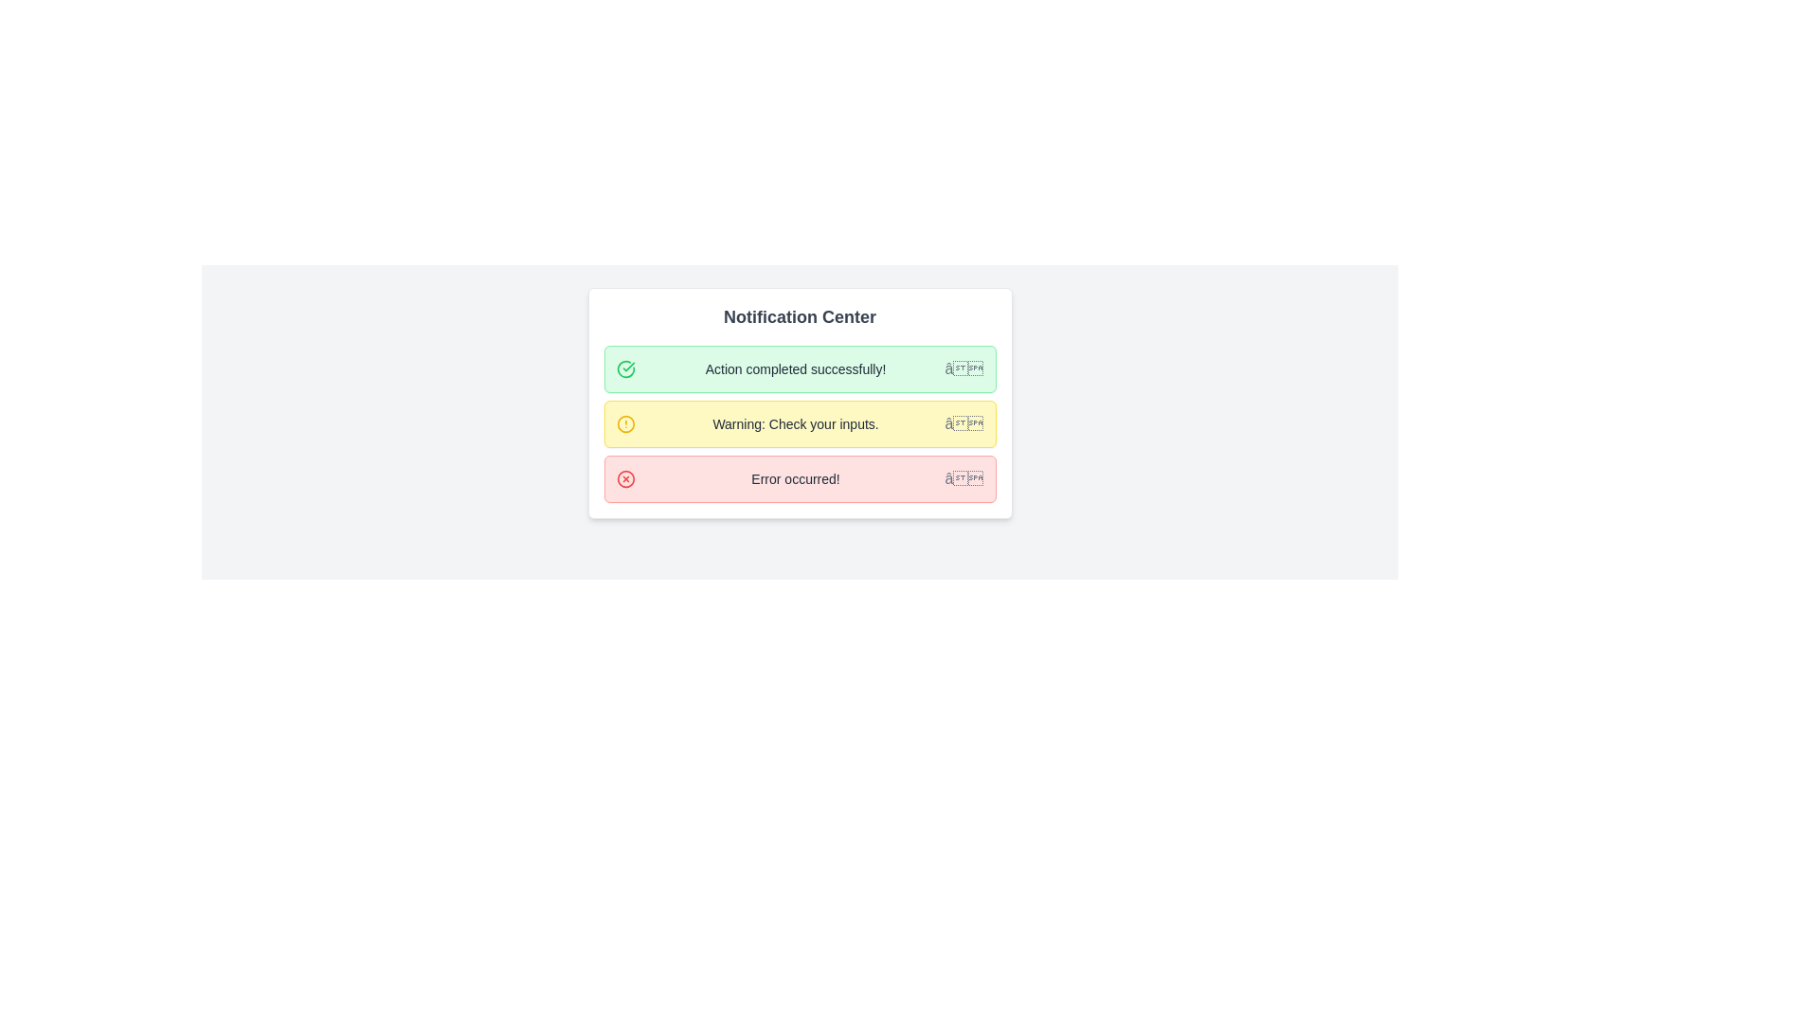 The height and width of the screenshot is (1023, 1819). Describe the element at coordinates (800, 422) in the screenshot. I see `grouped list of notification message banners located in the central part of the 'Notification Center' panel to understand their contents` at that location.